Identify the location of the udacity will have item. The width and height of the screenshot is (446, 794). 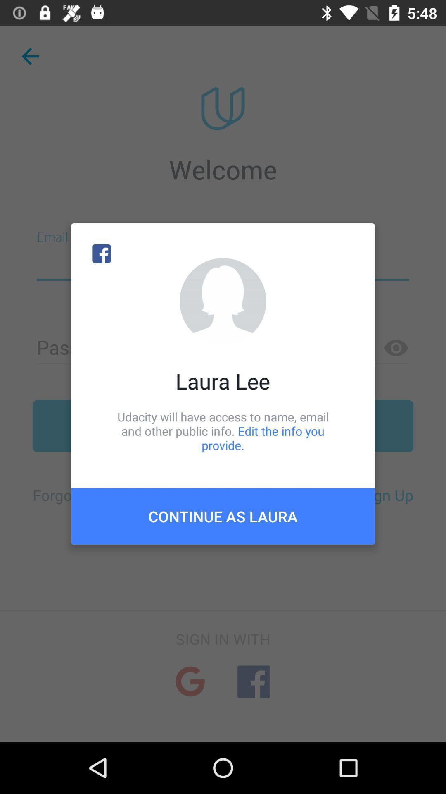
(223, 430).